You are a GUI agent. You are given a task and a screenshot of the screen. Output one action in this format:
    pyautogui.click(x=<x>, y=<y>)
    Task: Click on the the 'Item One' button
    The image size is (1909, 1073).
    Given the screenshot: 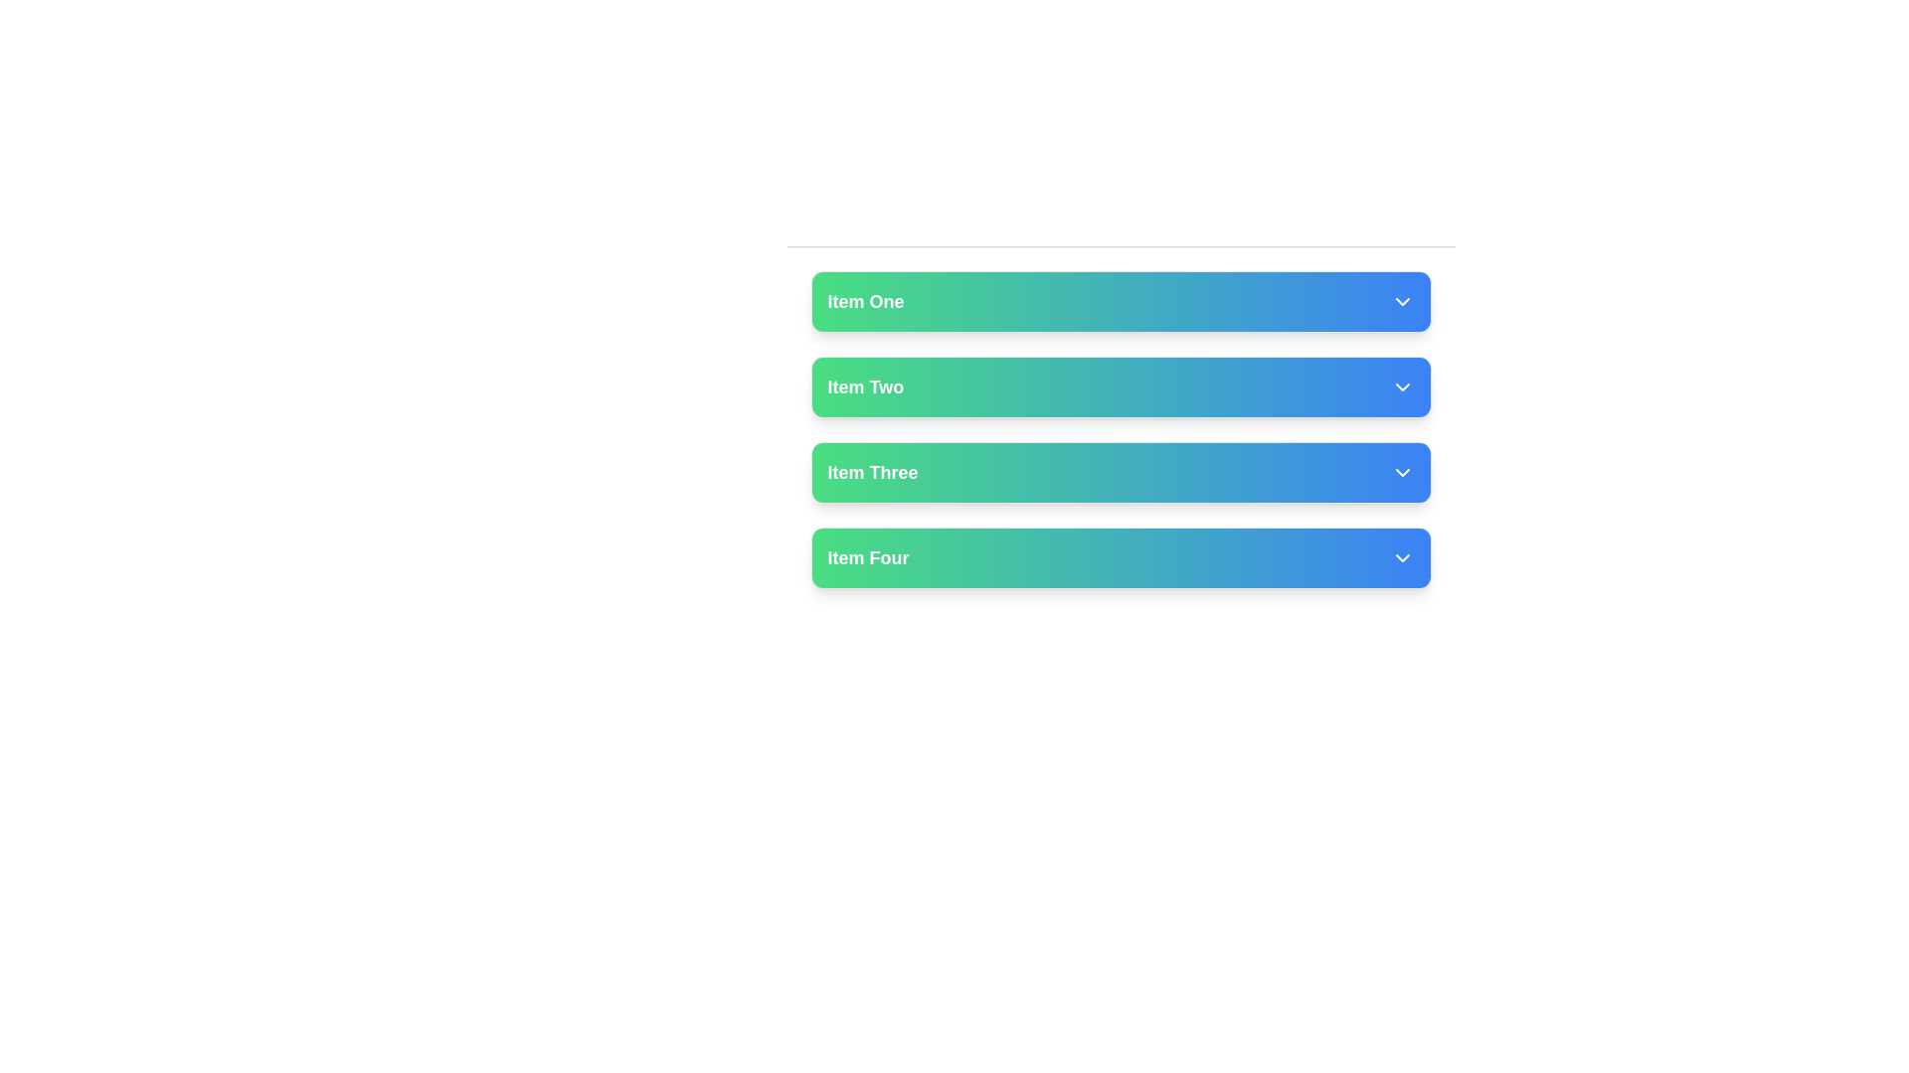 What is the action you would take?
    pyautogui.click(x=1121, y=302)
    